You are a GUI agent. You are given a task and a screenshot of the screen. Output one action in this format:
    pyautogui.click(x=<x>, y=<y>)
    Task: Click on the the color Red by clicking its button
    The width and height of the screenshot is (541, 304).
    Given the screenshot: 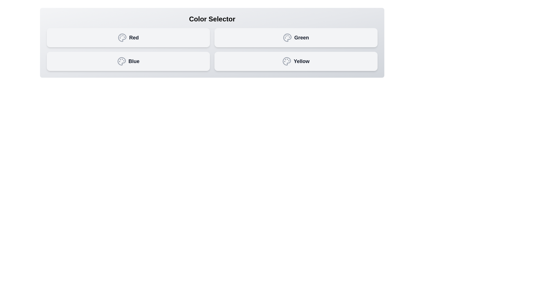 What is the action you would take?
    pyautogui.click(x=128, y=38)
    